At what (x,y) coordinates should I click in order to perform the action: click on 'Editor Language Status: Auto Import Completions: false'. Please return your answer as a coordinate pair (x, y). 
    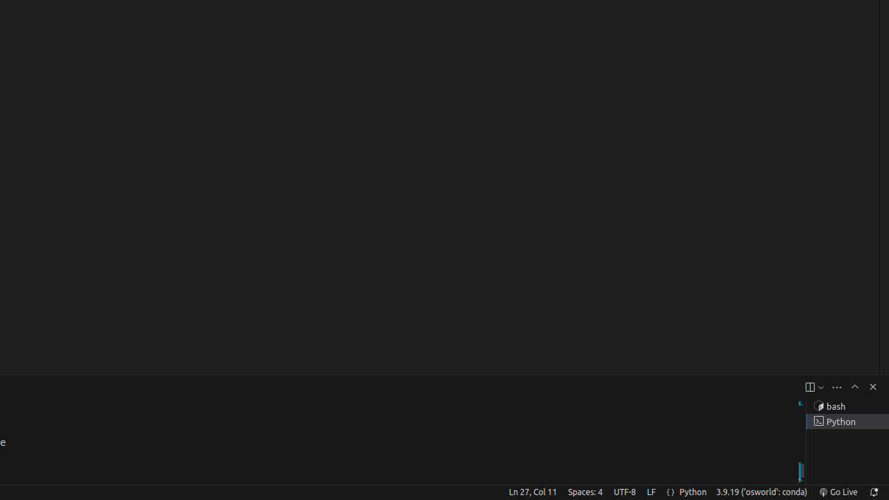
    Looking at the image, I should click on (670, 491).